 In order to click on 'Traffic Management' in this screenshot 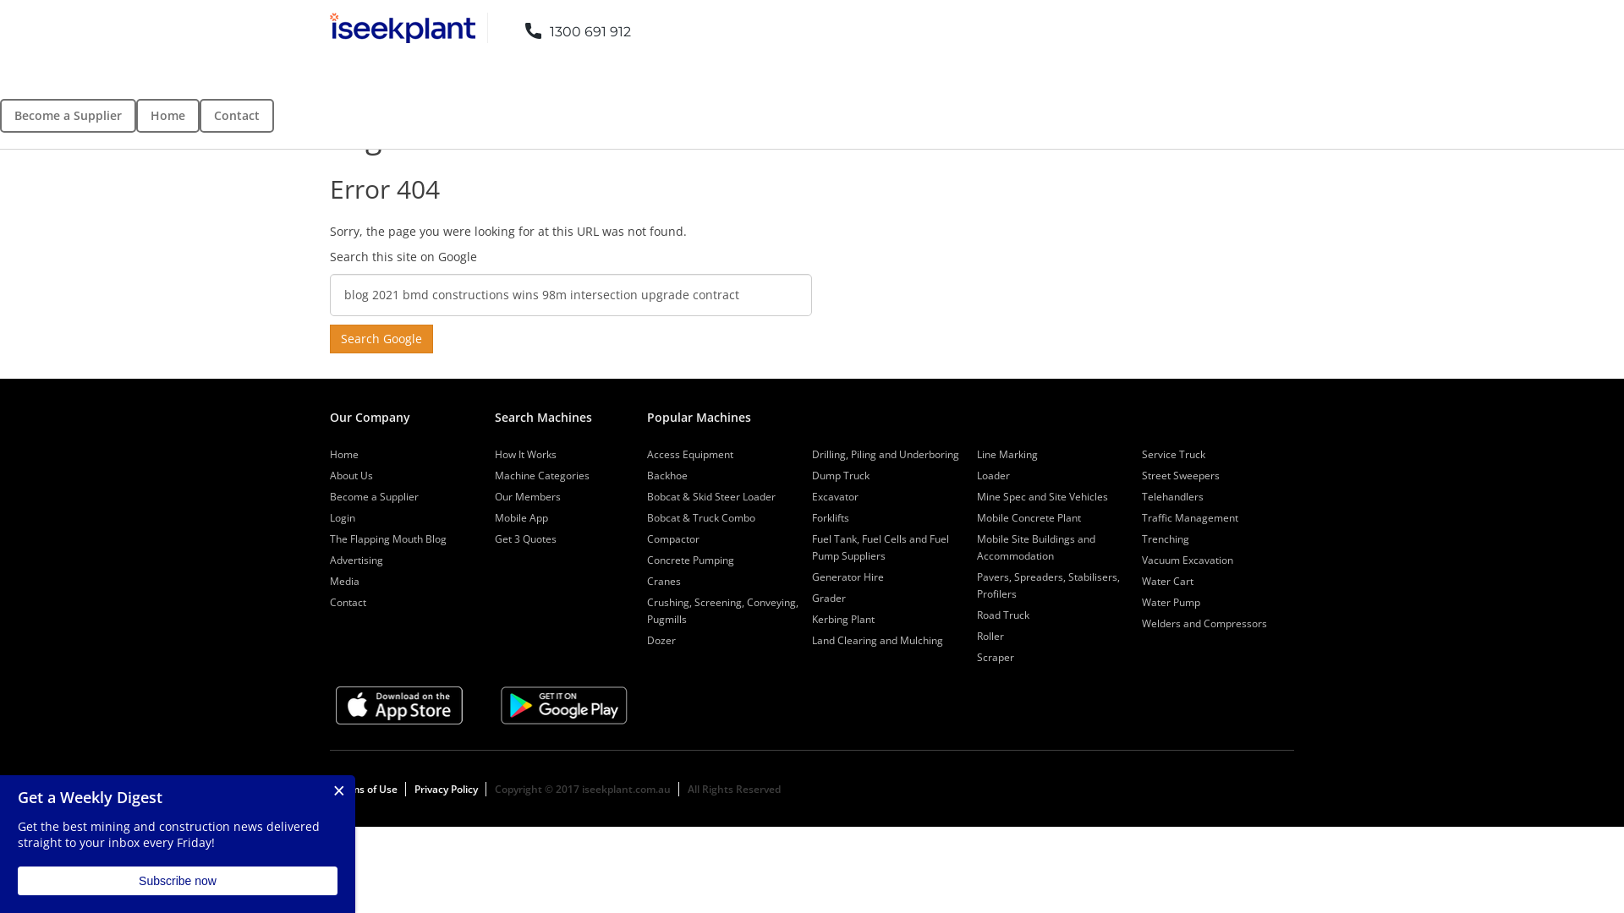, I will do `click(1188, 517)`.